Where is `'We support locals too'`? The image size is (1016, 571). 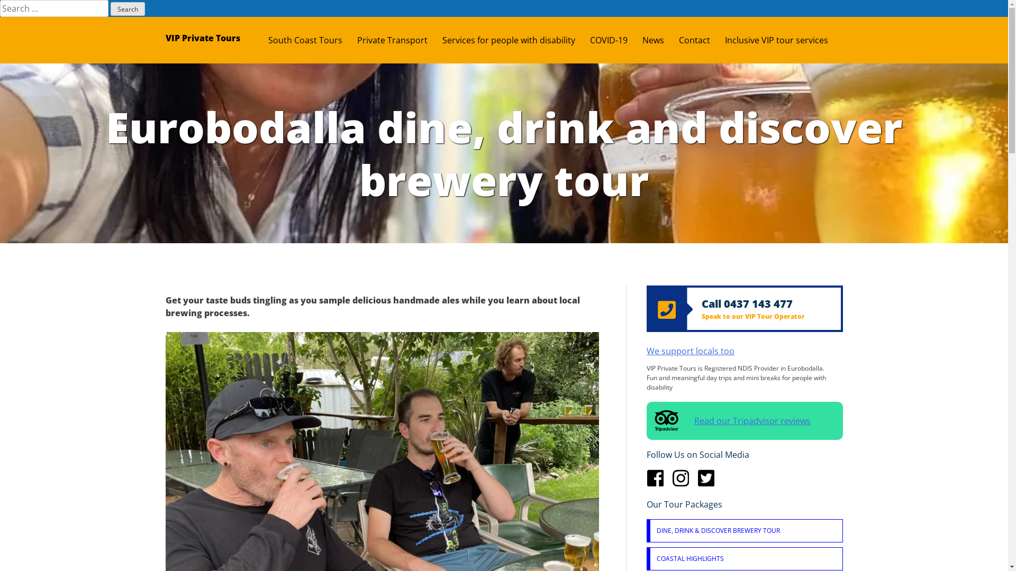
'We support locals too' is located at coordinates (691, 351).